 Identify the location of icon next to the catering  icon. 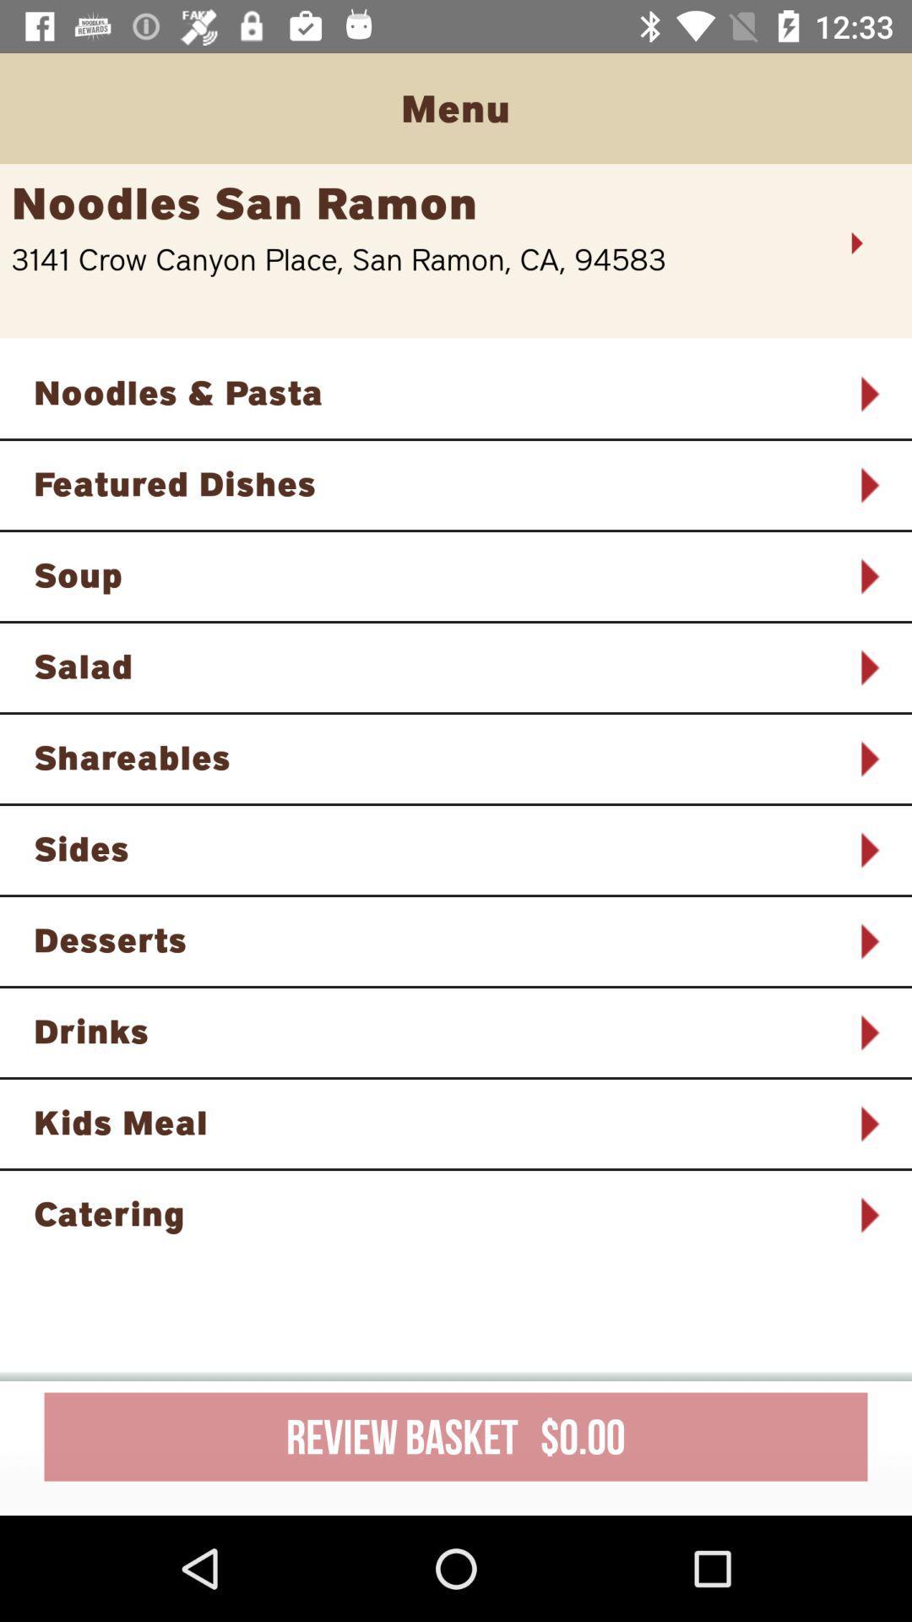
(868, 1214).